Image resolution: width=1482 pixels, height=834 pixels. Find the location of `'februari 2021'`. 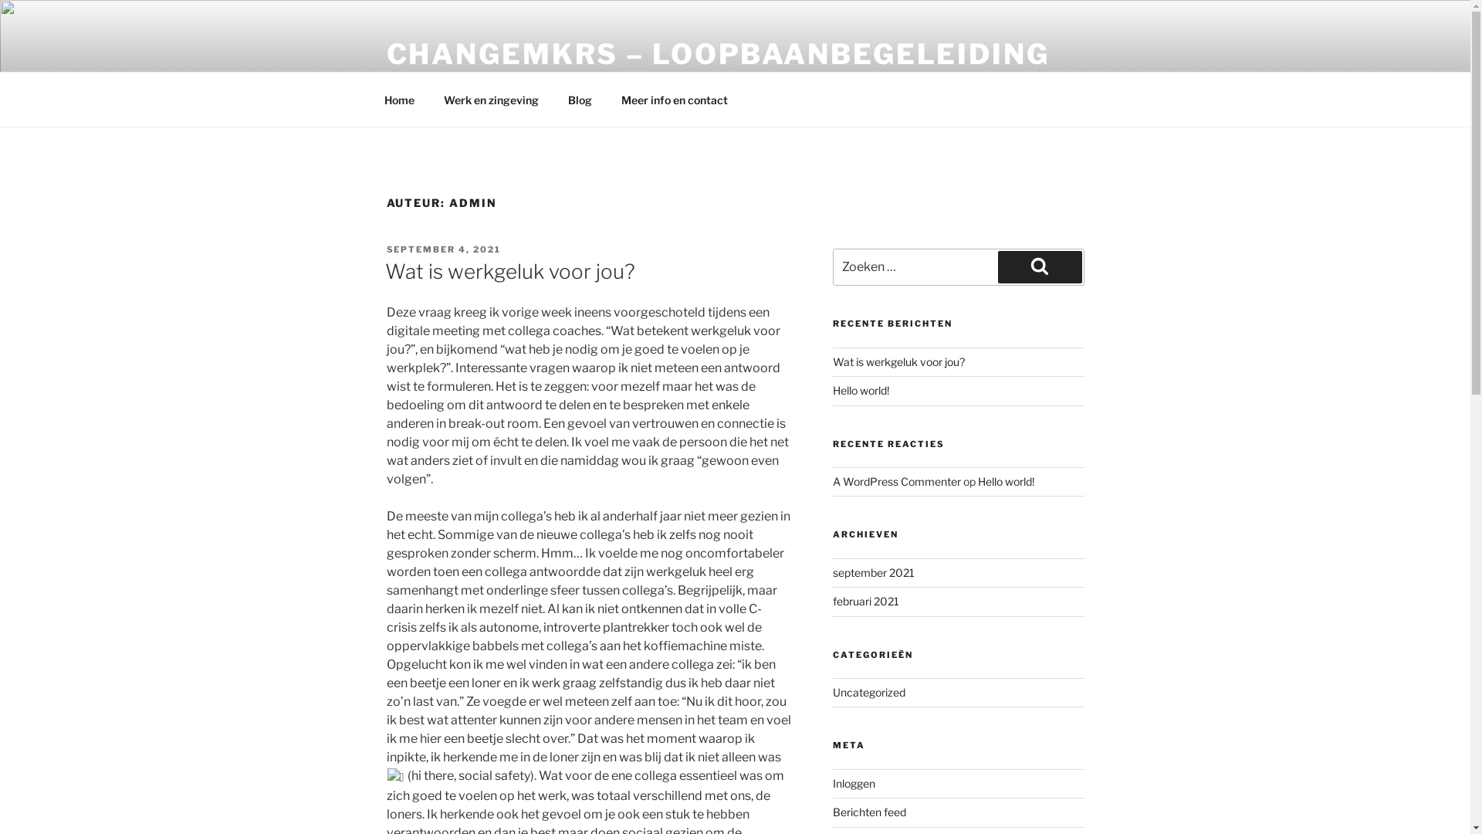

'februari 2021' is located at coordinates (866, 600).